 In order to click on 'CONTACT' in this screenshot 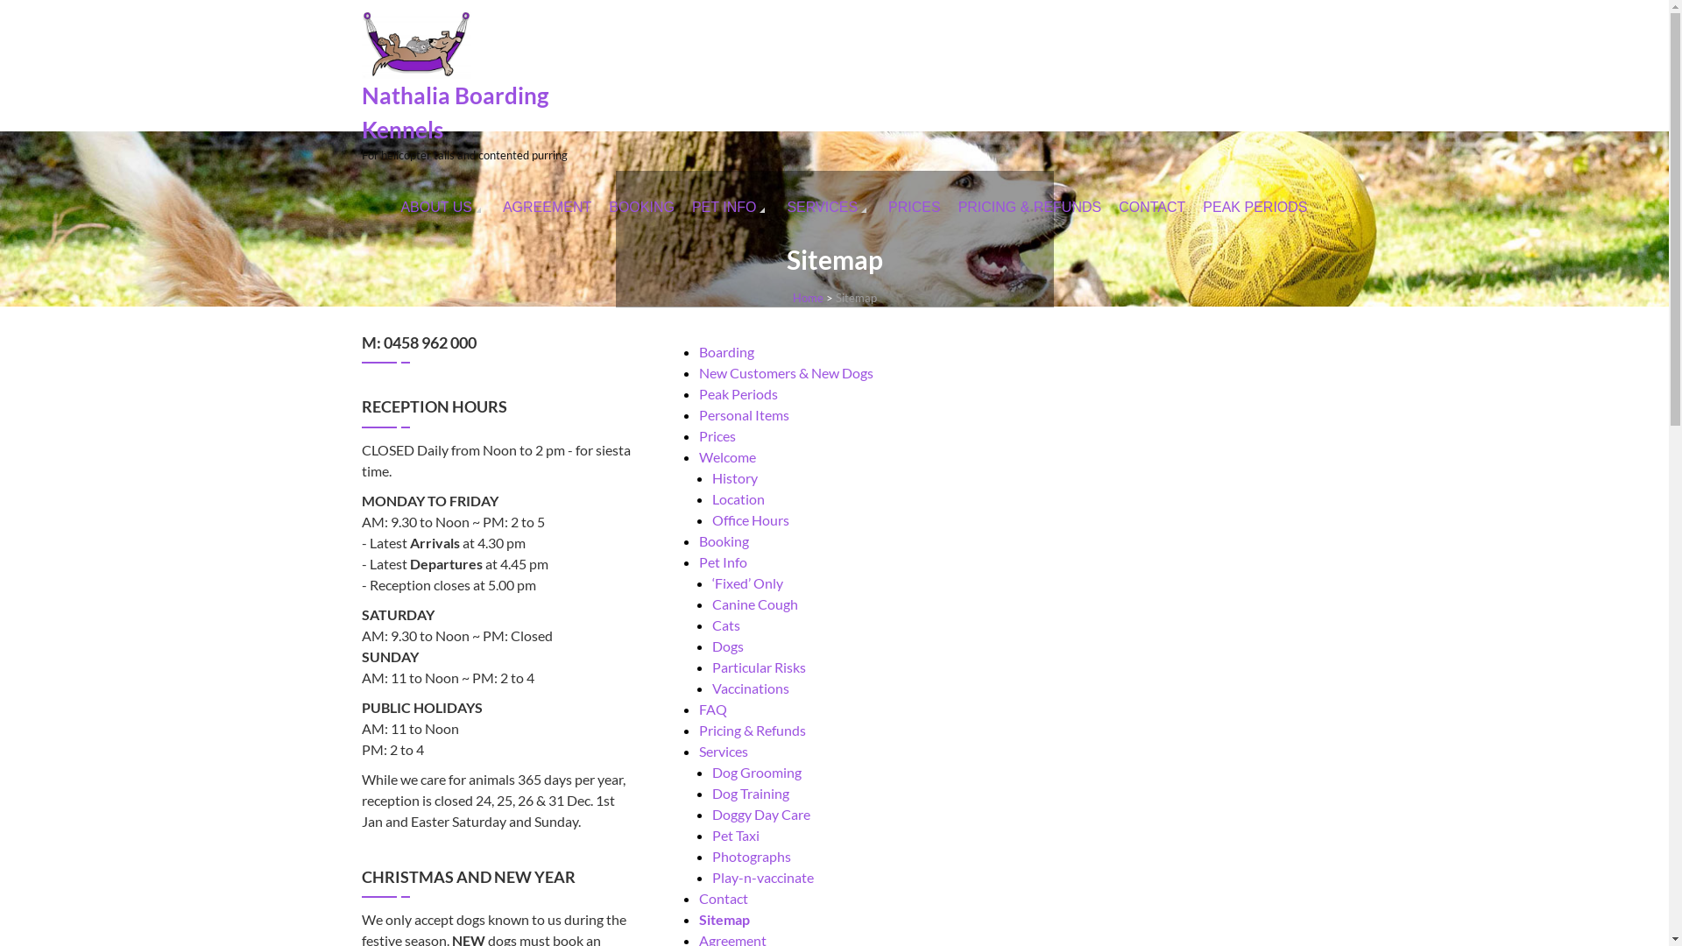, I will do `click(1152, 206)`.